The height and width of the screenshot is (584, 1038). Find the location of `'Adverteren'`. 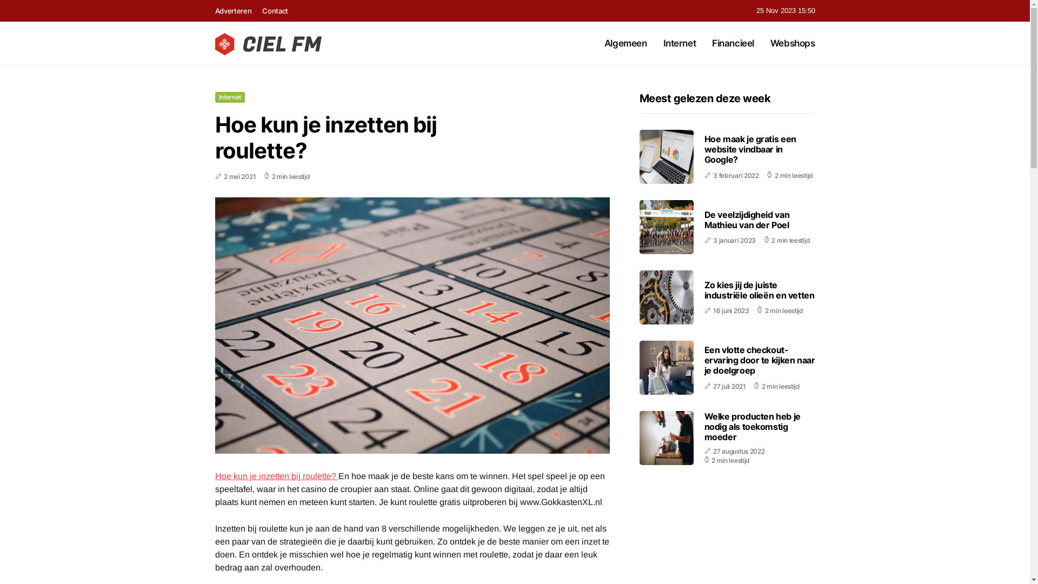

'Adverteren' is located at coordinates (215, 10).